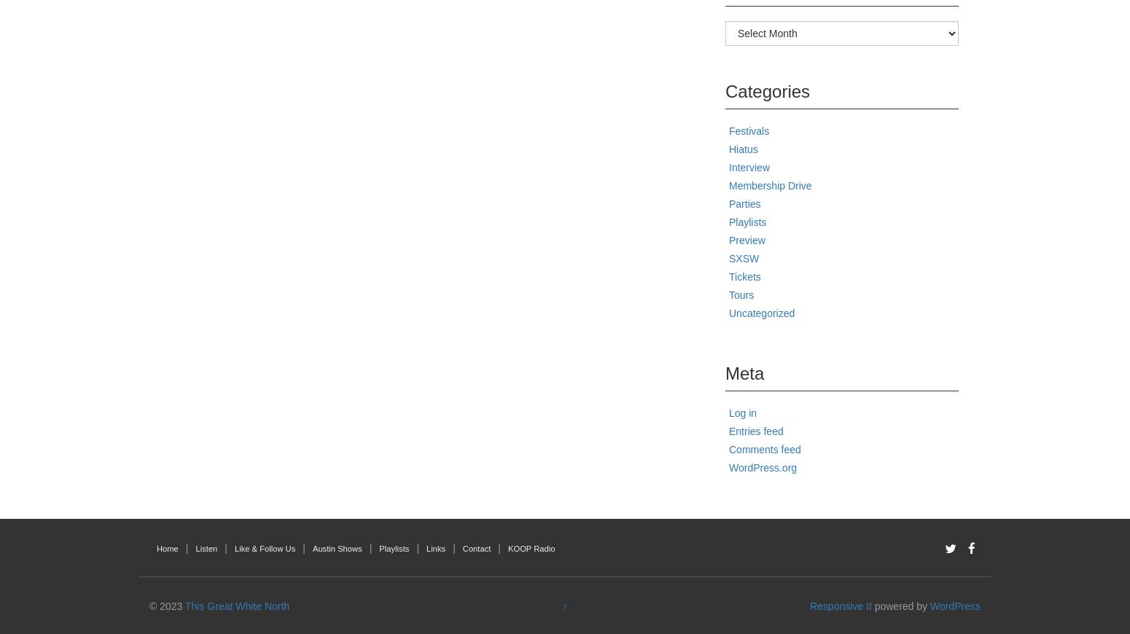 This screenshot has height=634, width=1130. What do you see at coordinates (742, 412) in the screenshot?
I see `'Log in'` at bounding box center [742, 412].